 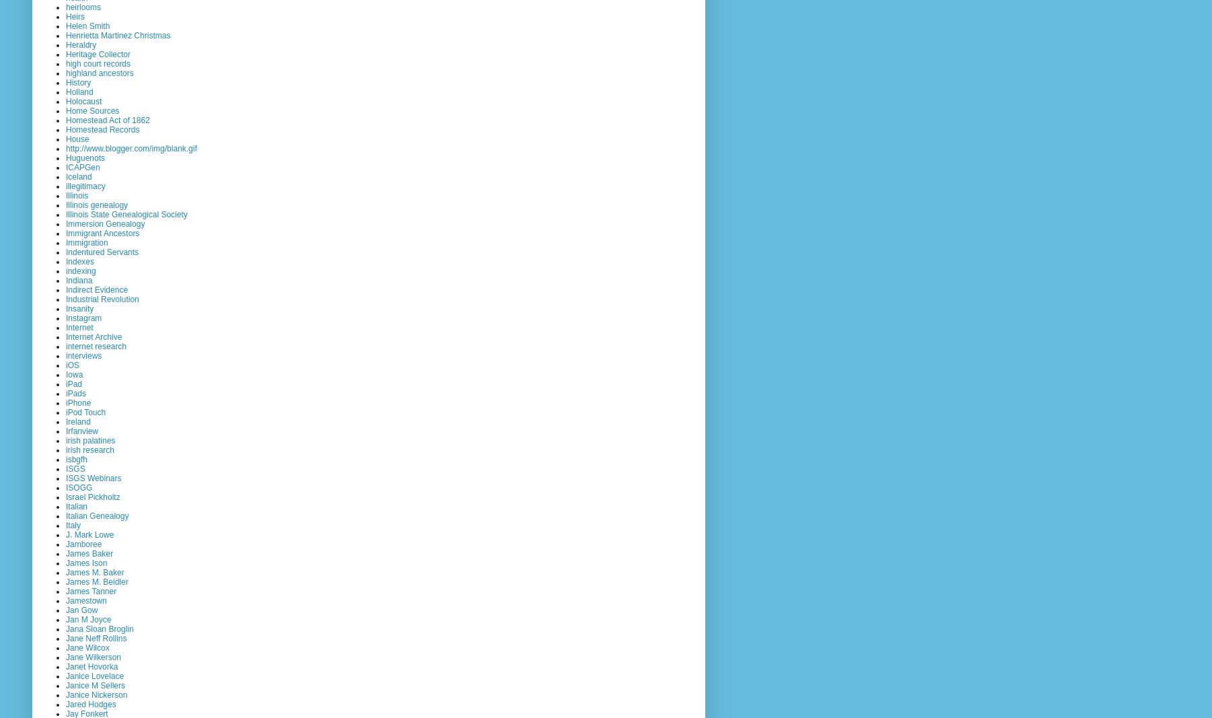 I want to click on 'Jane Wilcox', so click(x=87, y=647).